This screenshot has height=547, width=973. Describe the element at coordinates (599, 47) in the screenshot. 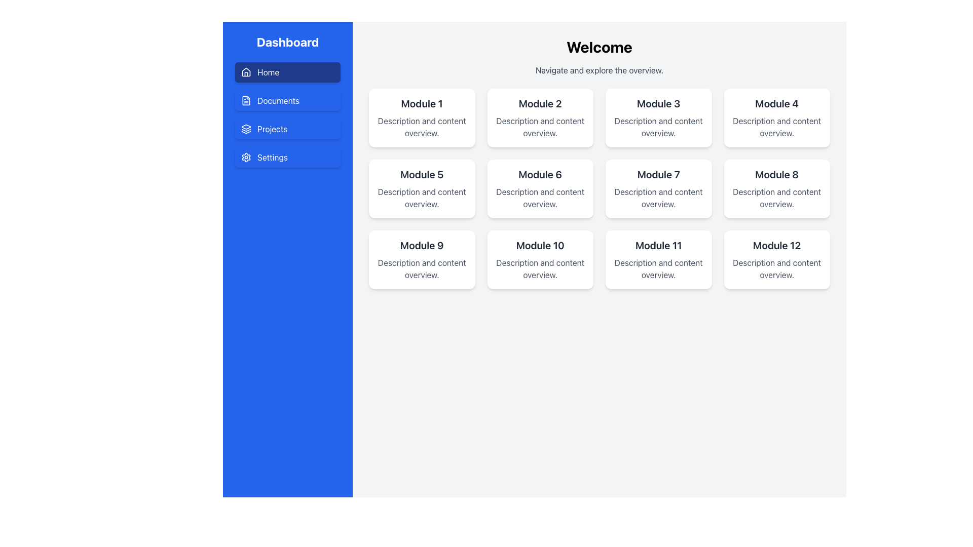

I see `the 'Welcome' text label, which is a prominent heading styled in bold, large black font, located at the top of the main content area` at that location.